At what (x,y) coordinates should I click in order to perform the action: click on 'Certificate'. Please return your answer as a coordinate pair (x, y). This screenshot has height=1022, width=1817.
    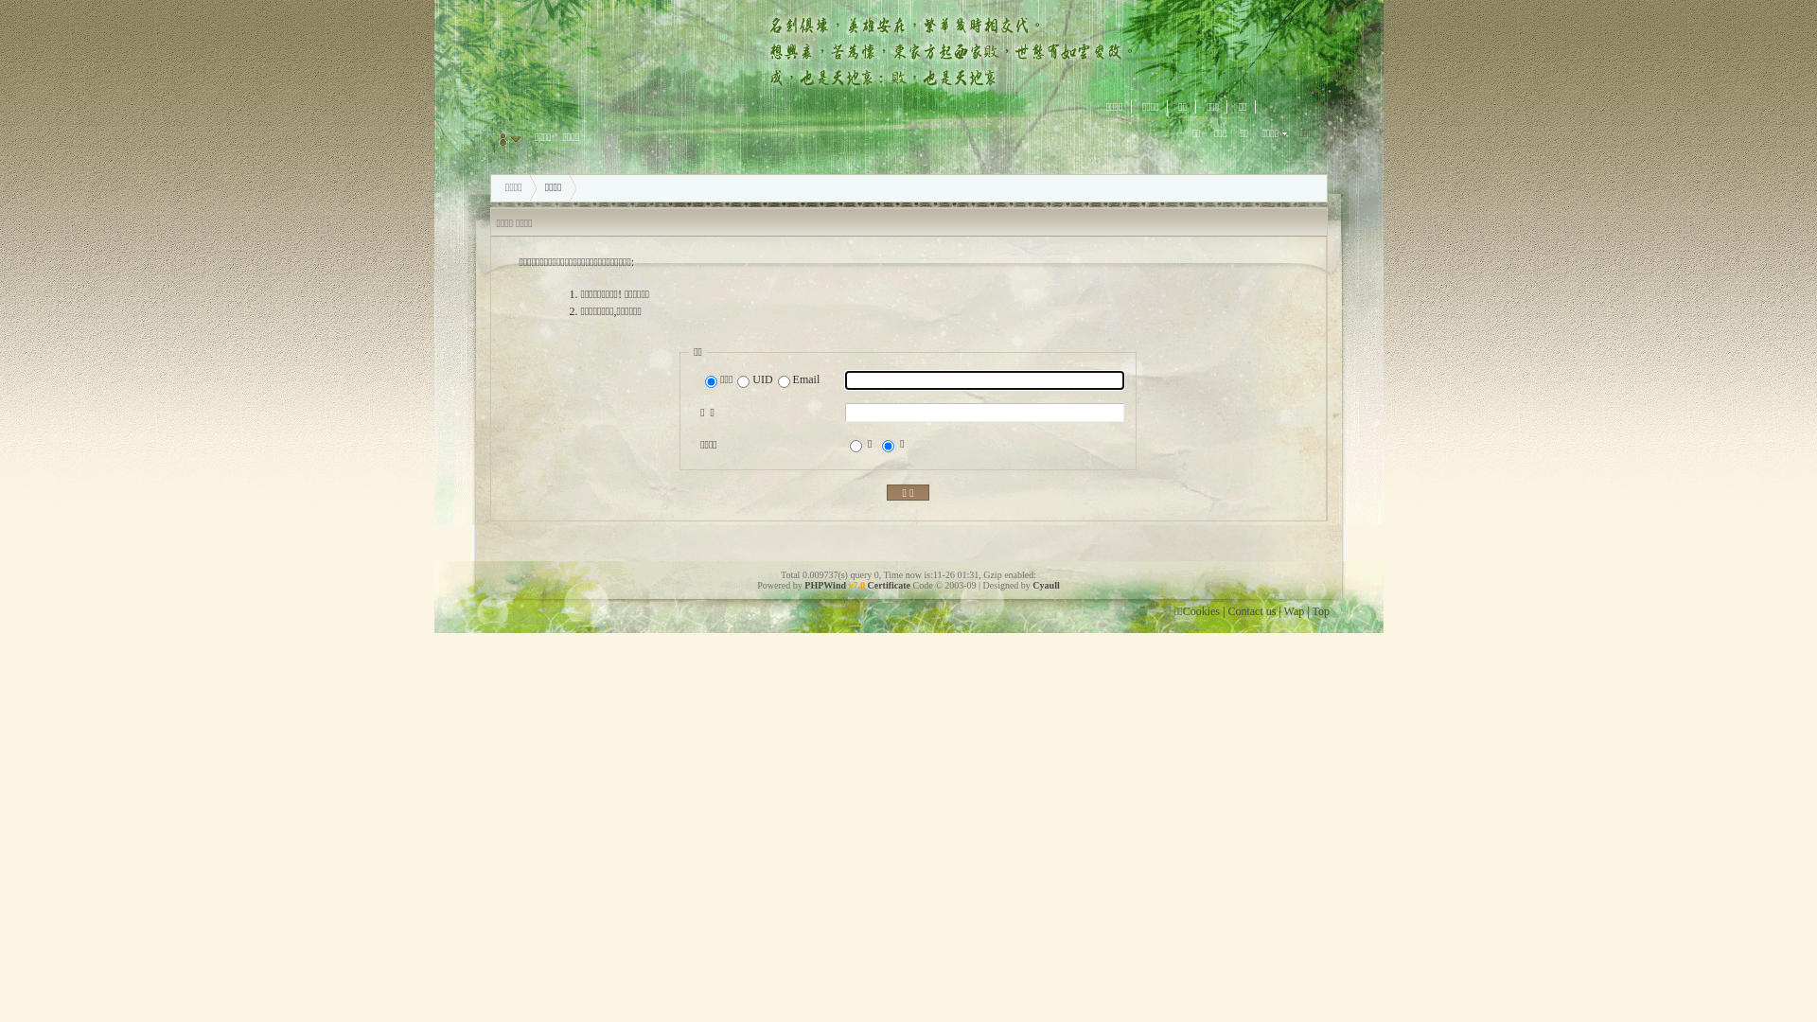
    Looking at the image, I should click on (889, 584).